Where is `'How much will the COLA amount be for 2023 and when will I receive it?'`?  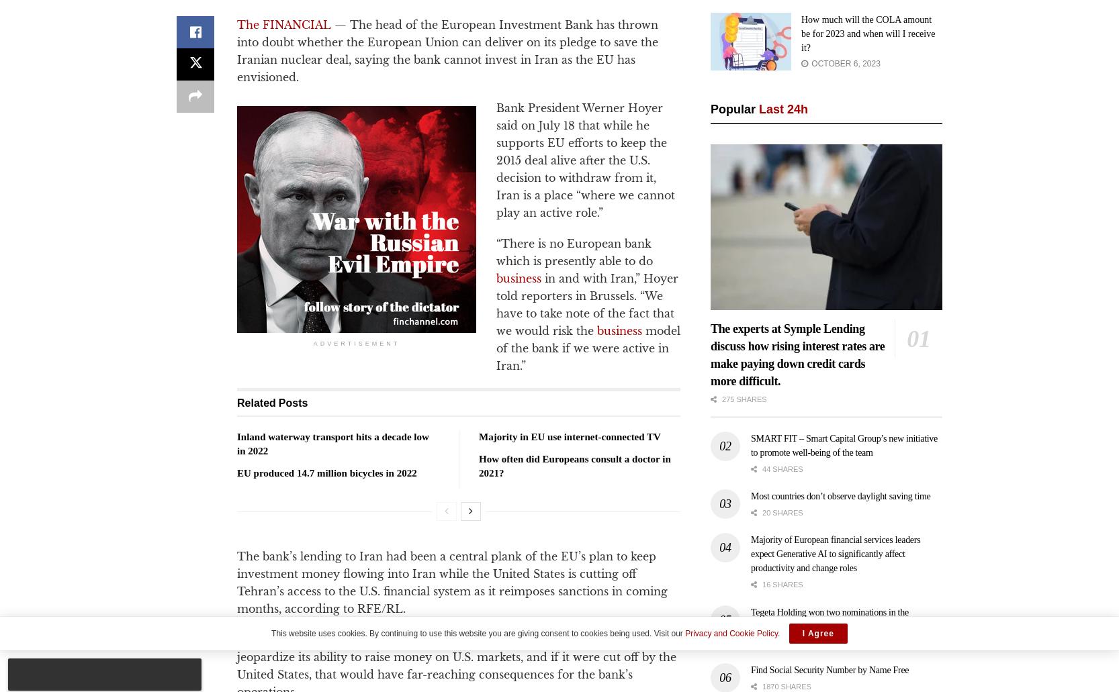
'How much will the COLA amount be for 2023 and when will I receive it?' is located at coordinates (867, 33).